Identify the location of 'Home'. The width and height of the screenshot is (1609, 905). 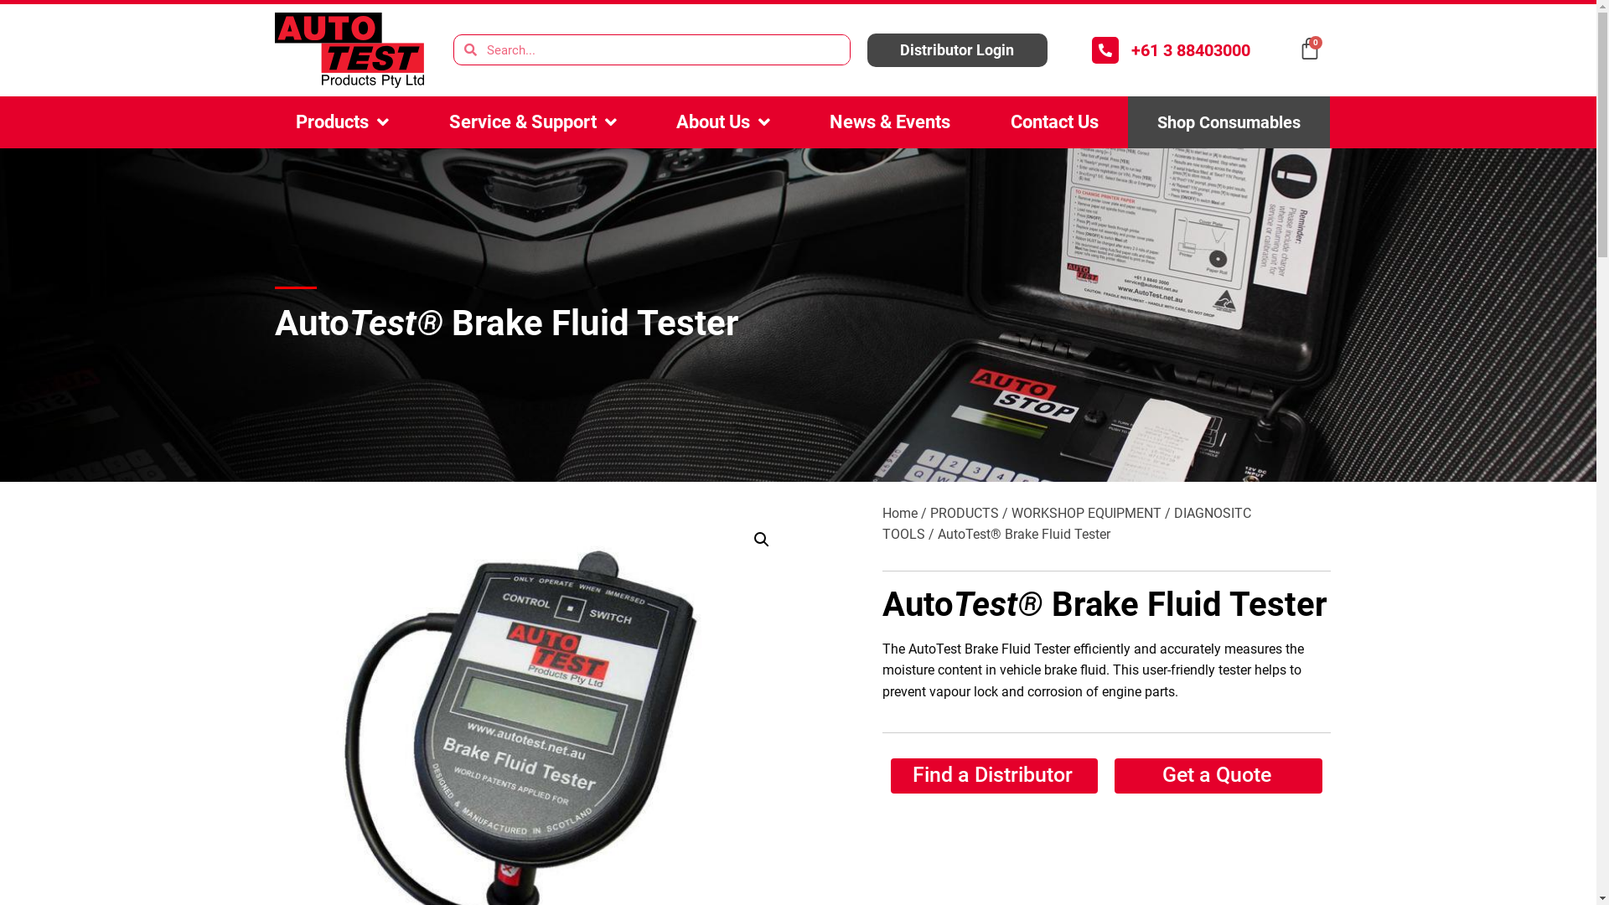
(880, 512).